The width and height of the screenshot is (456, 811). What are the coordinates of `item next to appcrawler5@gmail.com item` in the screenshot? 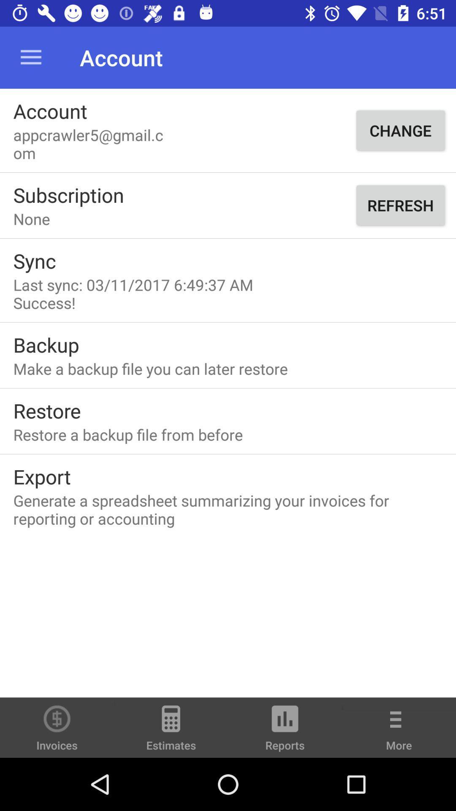 It's located at (400, 130).